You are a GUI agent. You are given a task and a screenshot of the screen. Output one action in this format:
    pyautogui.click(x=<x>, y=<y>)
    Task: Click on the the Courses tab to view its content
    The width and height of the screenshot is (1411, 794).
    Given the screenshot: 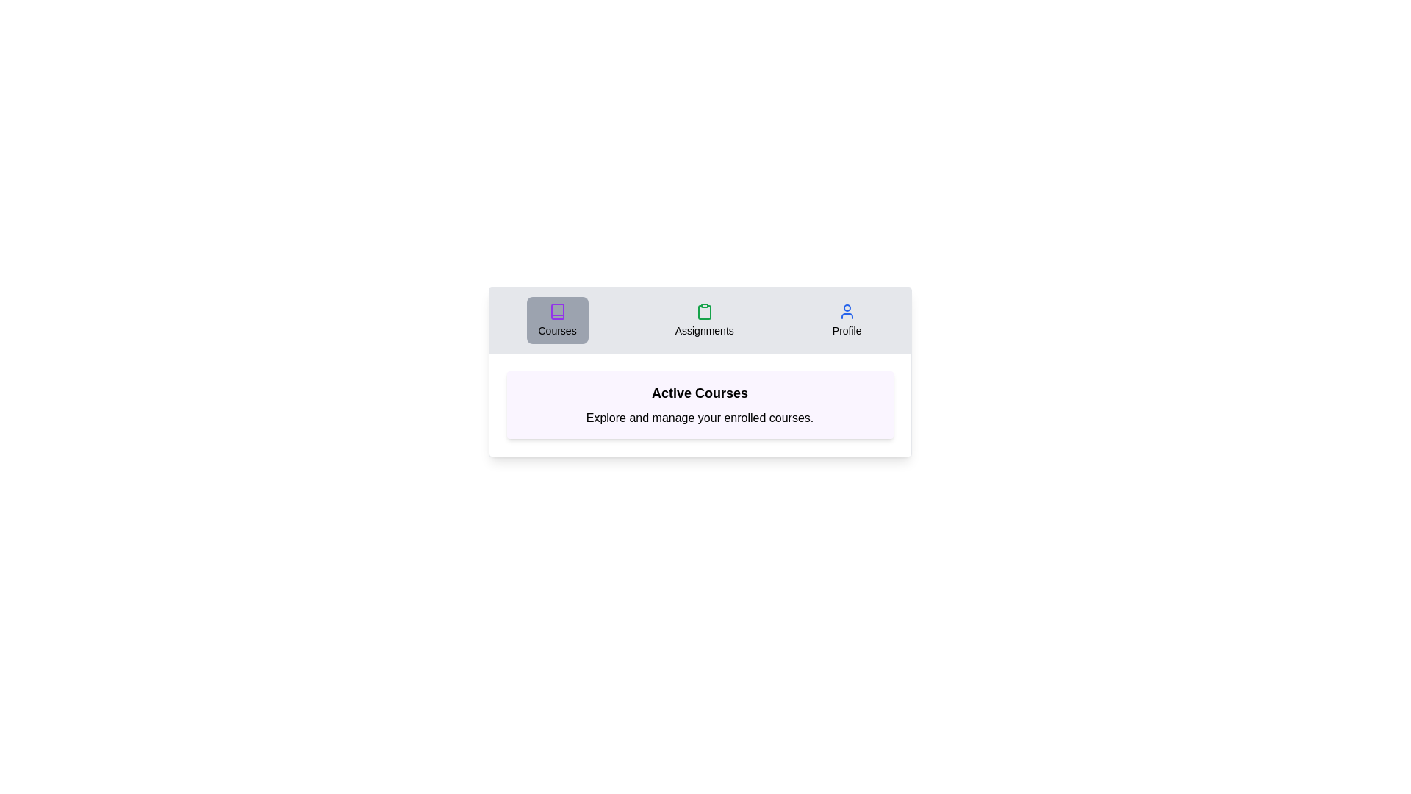 What is the action you would take?
    pyautogui.click(x=556, y=319)
    